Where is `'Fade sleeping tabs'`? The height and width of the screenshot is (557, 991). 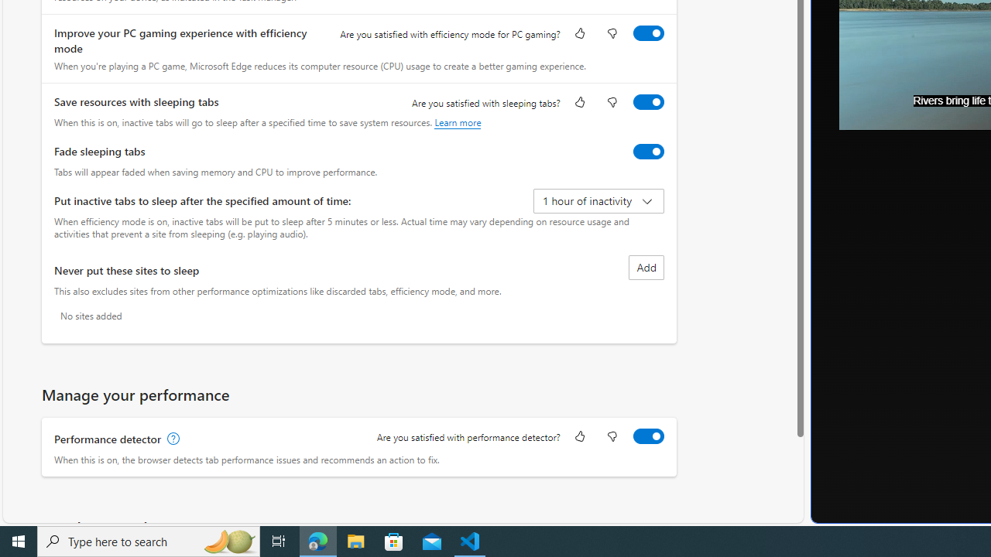
'Fade sleeping tabs' is located at coordinates (648, 151).